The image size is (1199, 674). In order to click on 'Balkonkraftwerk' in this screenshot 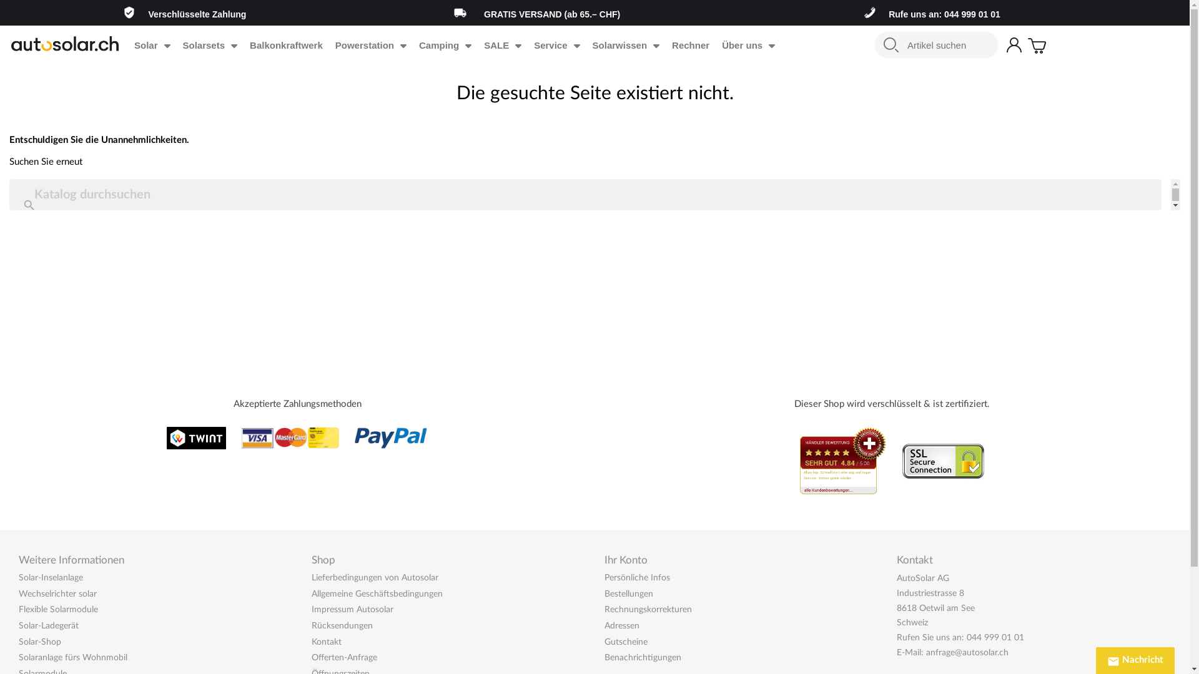, I will do `click(285, 45)`.